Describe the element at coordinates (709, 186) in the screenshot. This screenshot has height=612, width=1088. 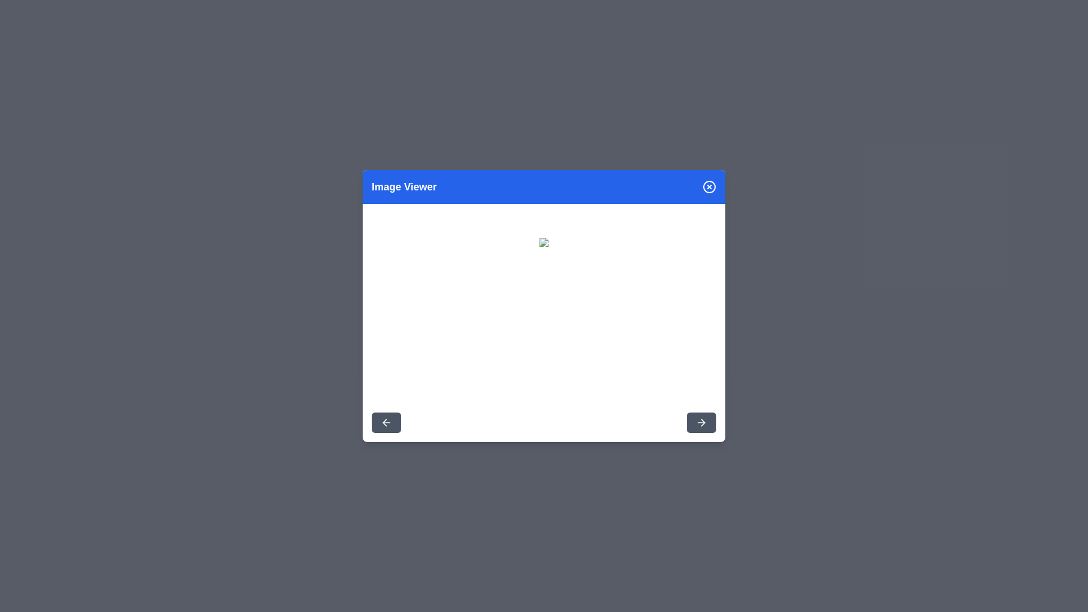
I see `close button to dismiss the dialog` at that location.